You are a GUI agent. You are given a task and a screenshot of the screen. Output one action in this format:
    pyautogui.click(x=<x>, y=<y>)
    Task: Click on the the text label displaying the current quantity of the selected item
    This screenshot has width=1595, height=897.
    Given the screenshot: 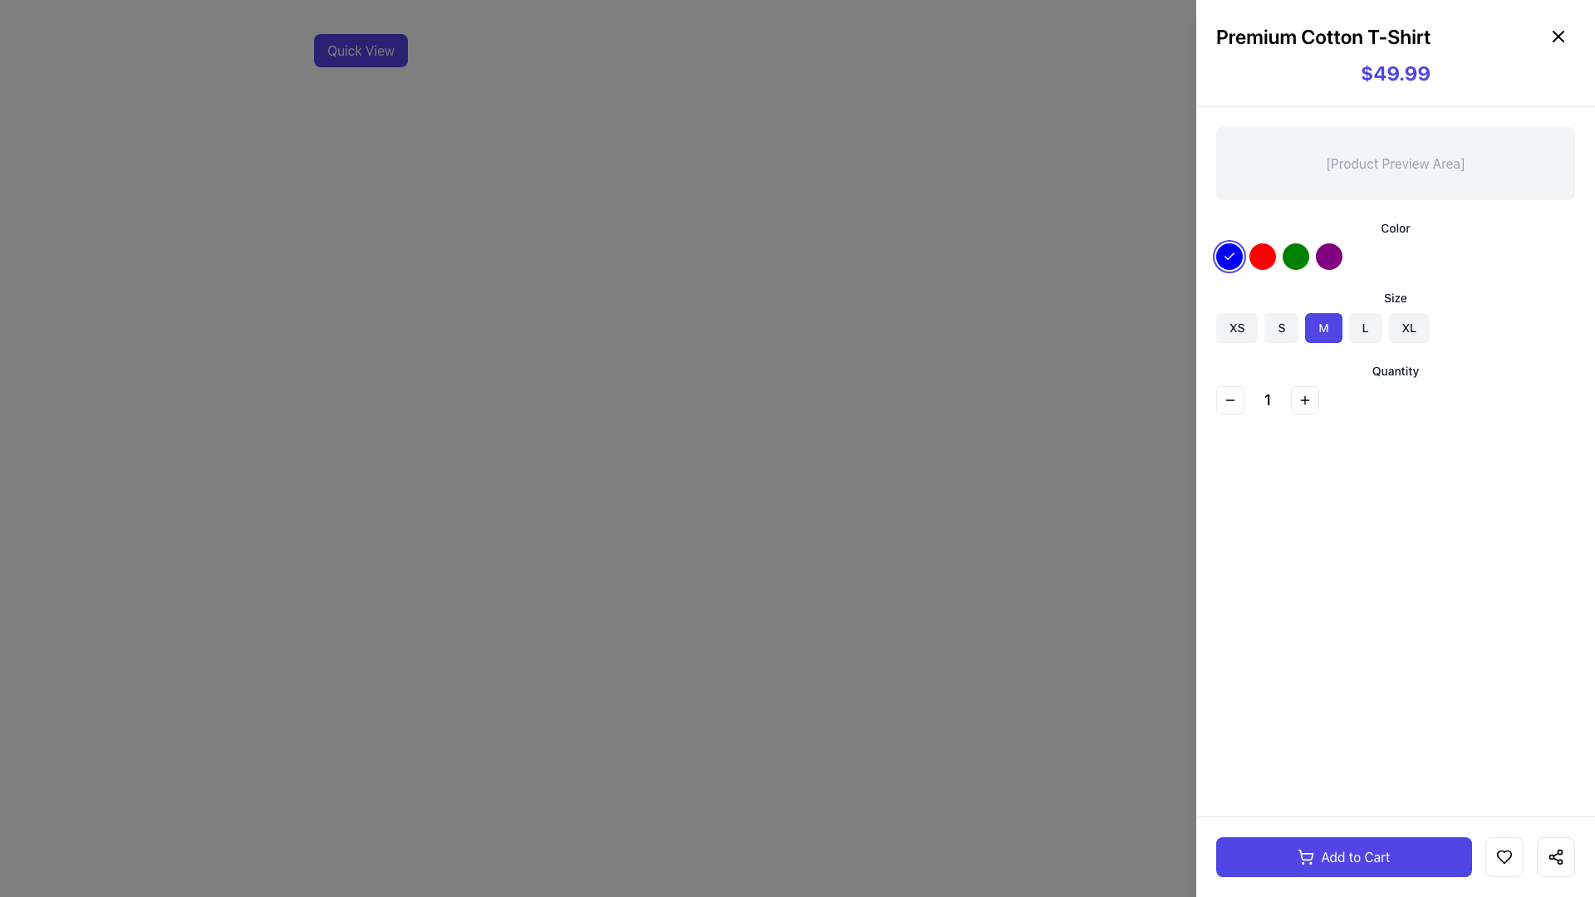 What is the action you would take?
    pyautogui.click(x=1267, y=400)
    